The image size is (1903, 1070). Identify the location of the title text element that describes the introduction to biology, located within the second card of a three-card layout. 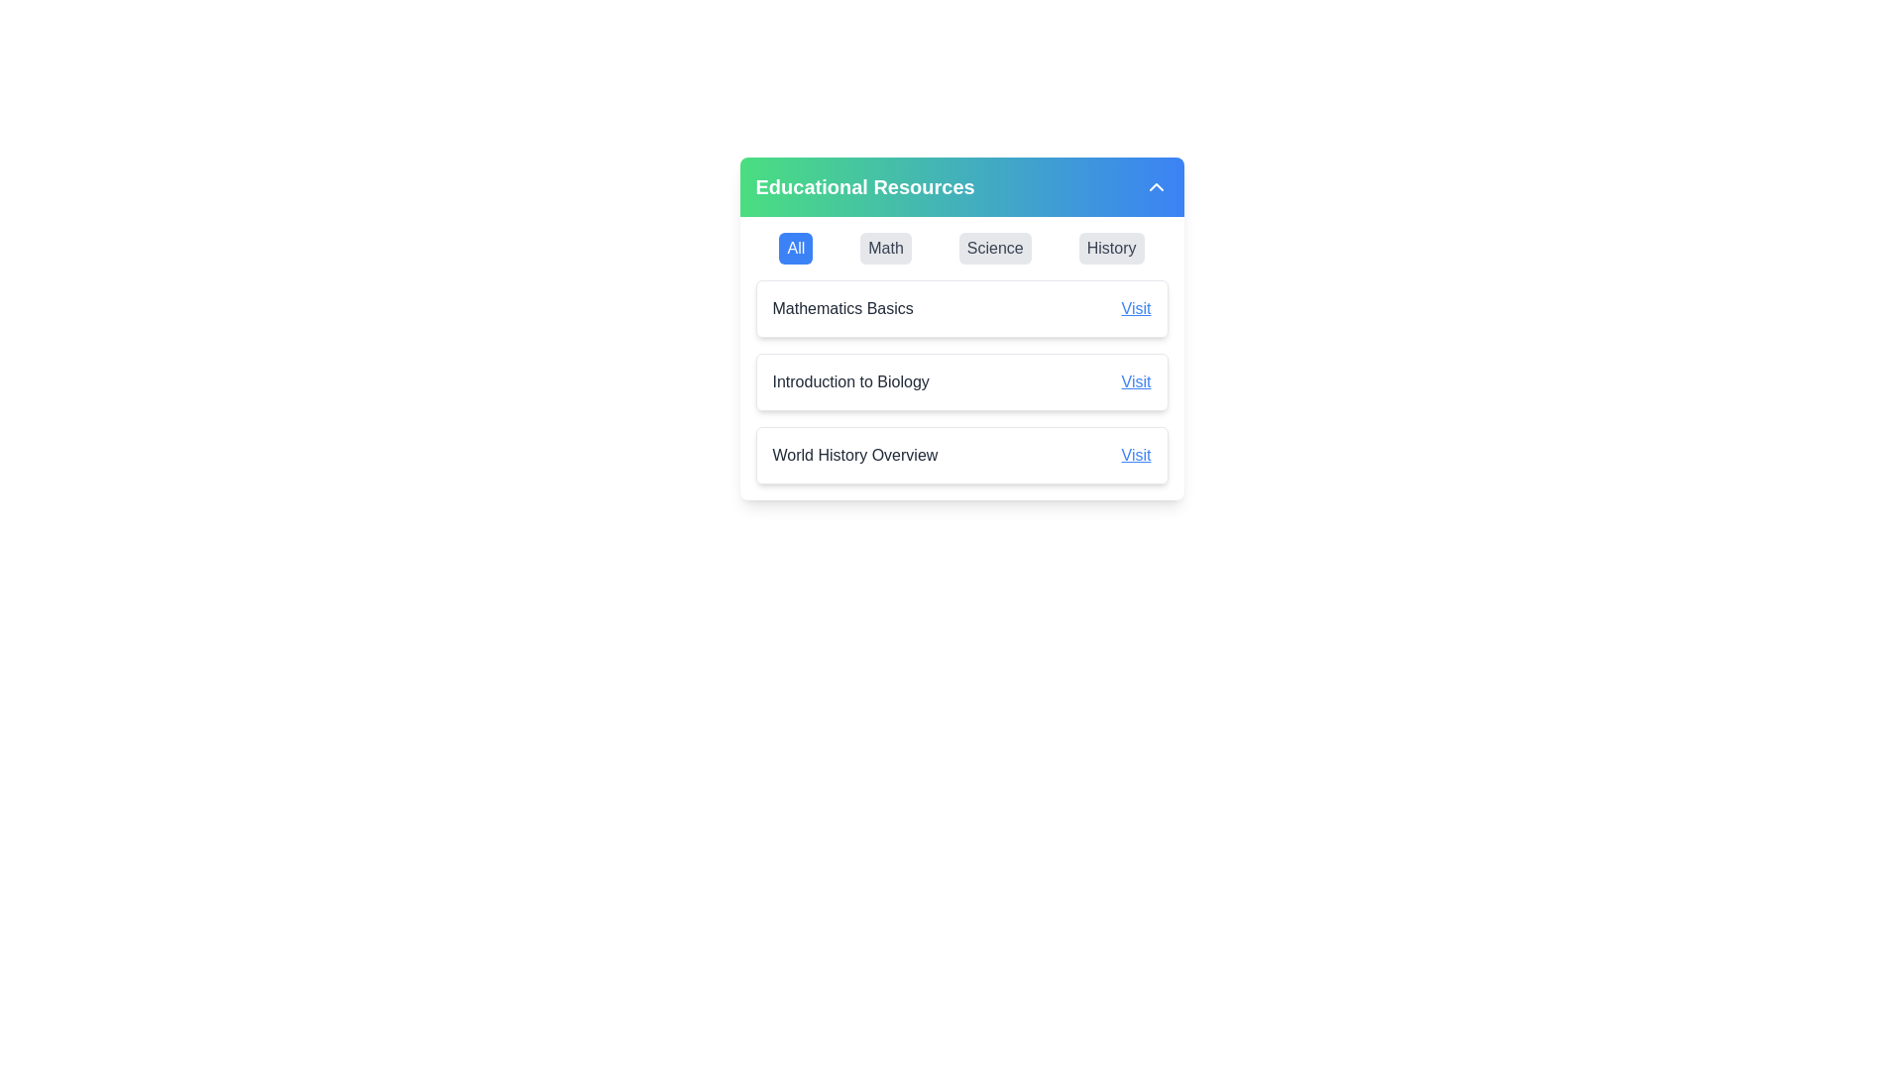
(850, 381).